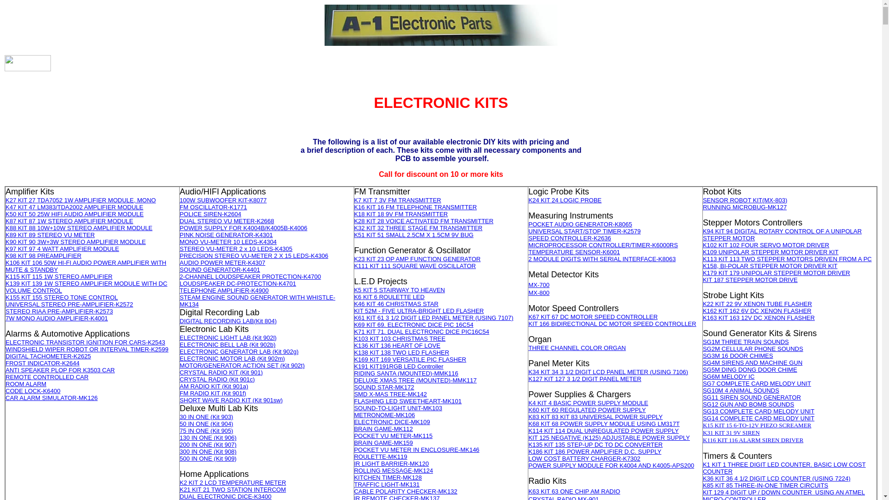 The width and height of the screenshot is (889, 500). I want to click on 'TRAFFIC LIGHT-MK131', so click(387, 484).